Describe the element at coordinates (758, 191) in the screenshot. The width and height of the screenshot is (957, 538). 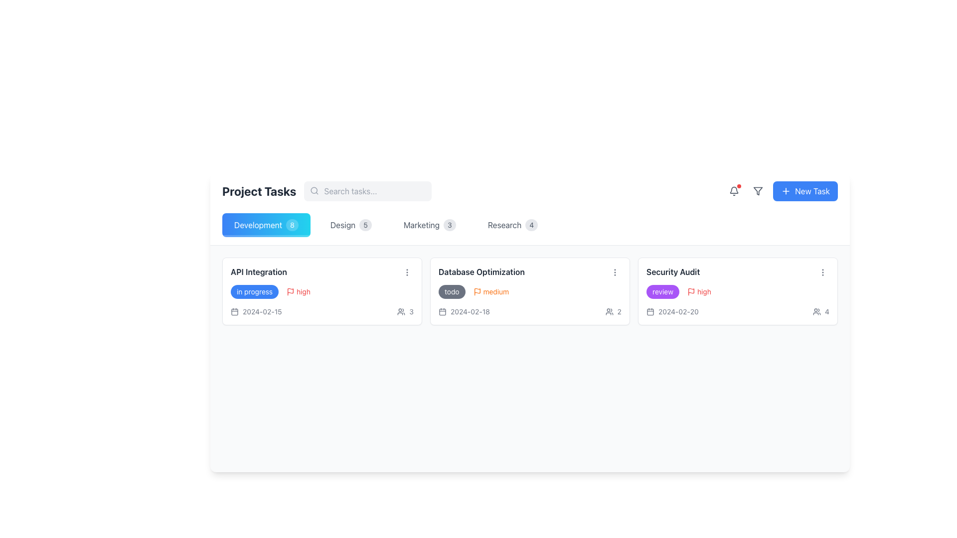
I see `the filter tool icon located in the upper-right corner of the interface, near the notification bell and 'New Task' button` at that location.